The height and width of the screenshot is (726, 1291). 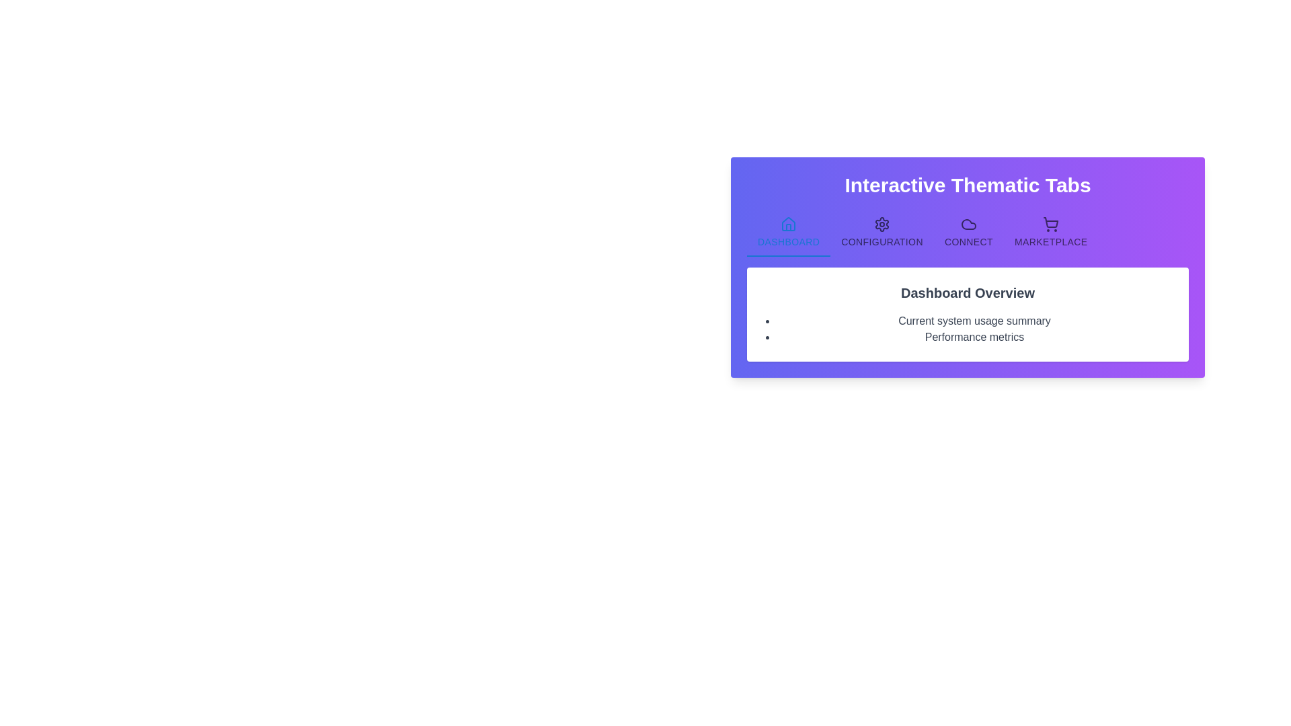 I want to click on the gear-like icon in the 'Configuration' tab, so click(x=882, y=224).